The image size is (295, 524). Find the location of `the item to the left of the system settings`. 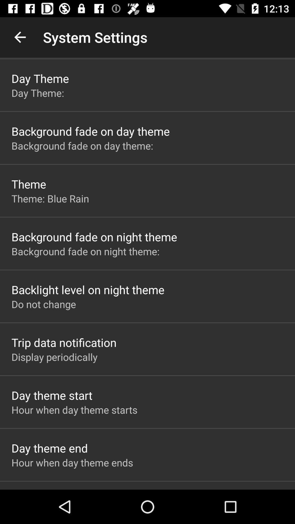

the item to the left of the system settings is located at coordinates (20, 37).